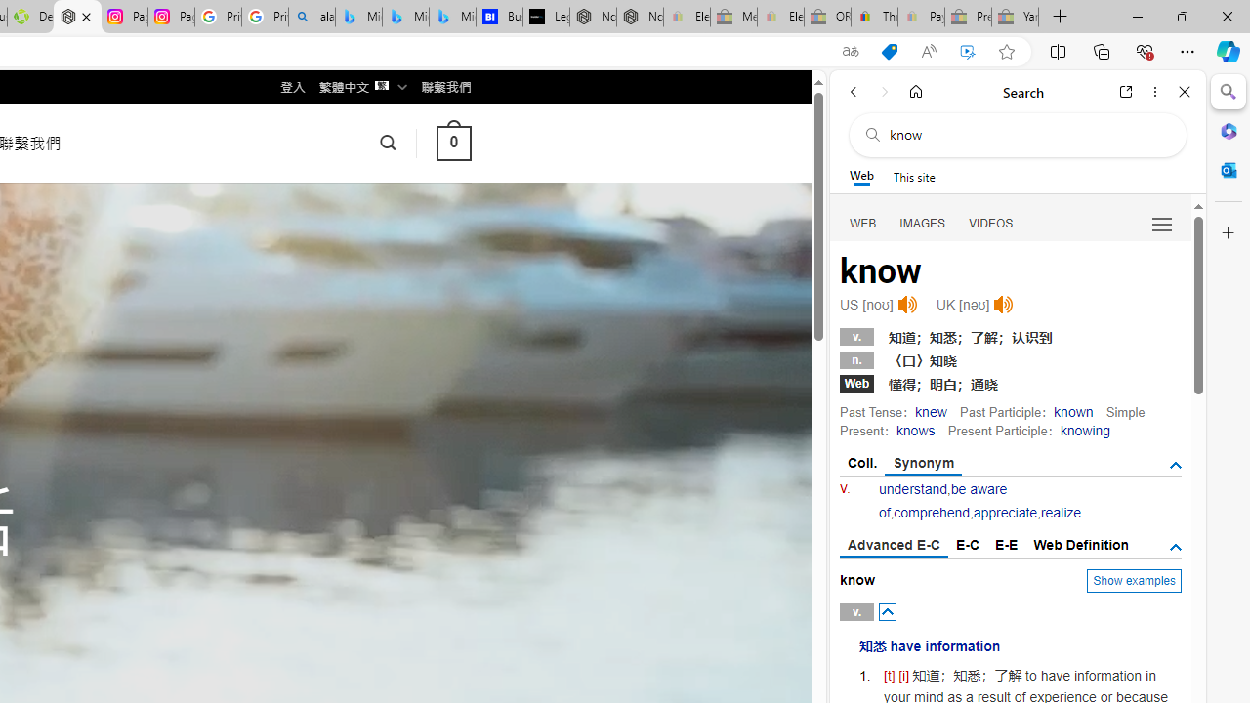  What do you see at coordinates (888, 51) in the screenshot?
I see `'This site has coupons! Shopping in Microsoft Edge'` at bounding box center [888, 51].